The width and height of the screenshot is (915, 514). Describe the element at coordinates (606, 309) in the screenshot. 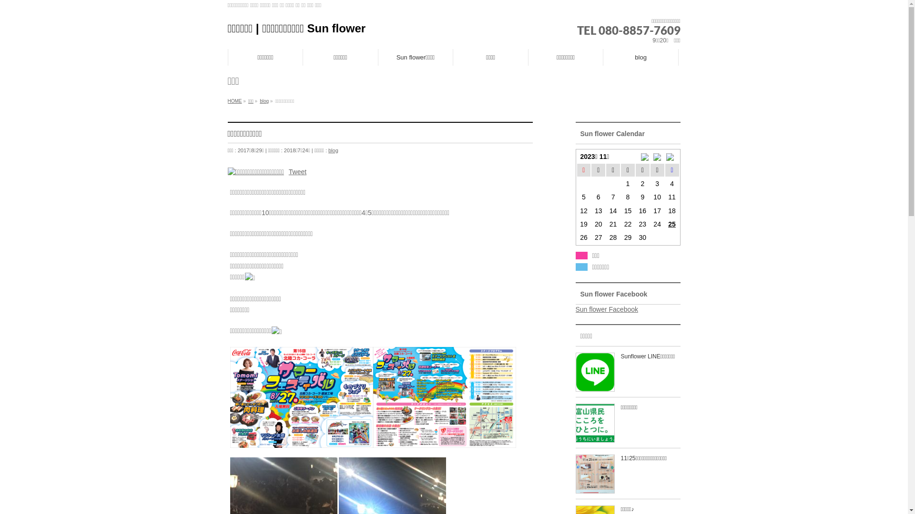

I see `'Sun flower Facebook'` at that location.